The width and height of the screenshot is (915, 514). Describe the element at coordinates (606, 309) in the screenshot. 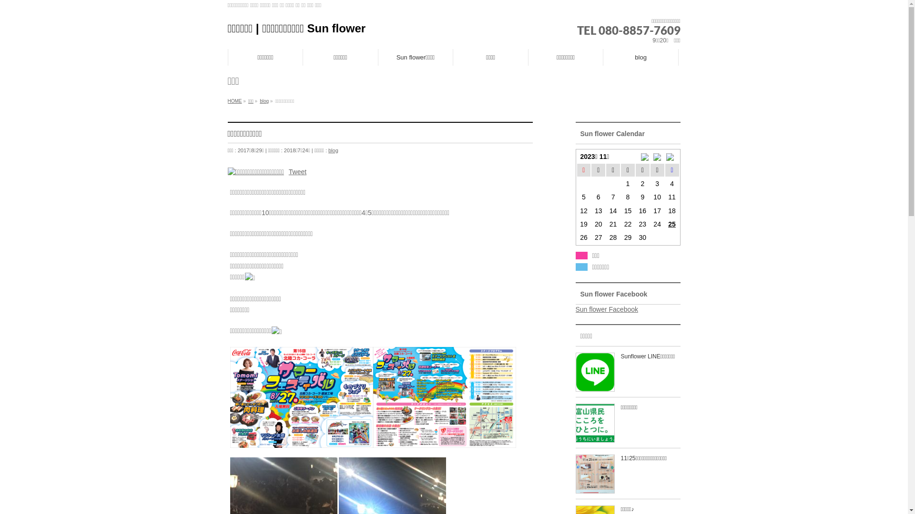

I see `'Sun flower Facebook'` at that location.